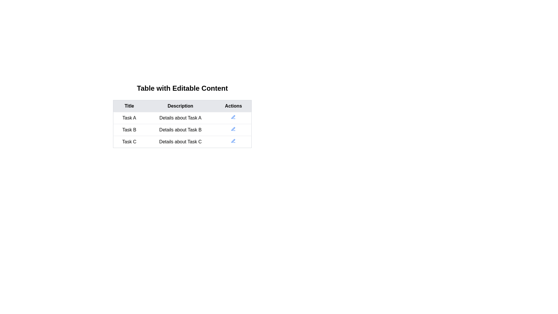 The width and height of the screenshot is (558, 314). Describe the element at coordinates (233, 129) in the screenshot. I see `the edit icon located in the third column of the second row of the 'Table with Editable Content', which is adjacent to the text 'Details about Task B'` at that location.